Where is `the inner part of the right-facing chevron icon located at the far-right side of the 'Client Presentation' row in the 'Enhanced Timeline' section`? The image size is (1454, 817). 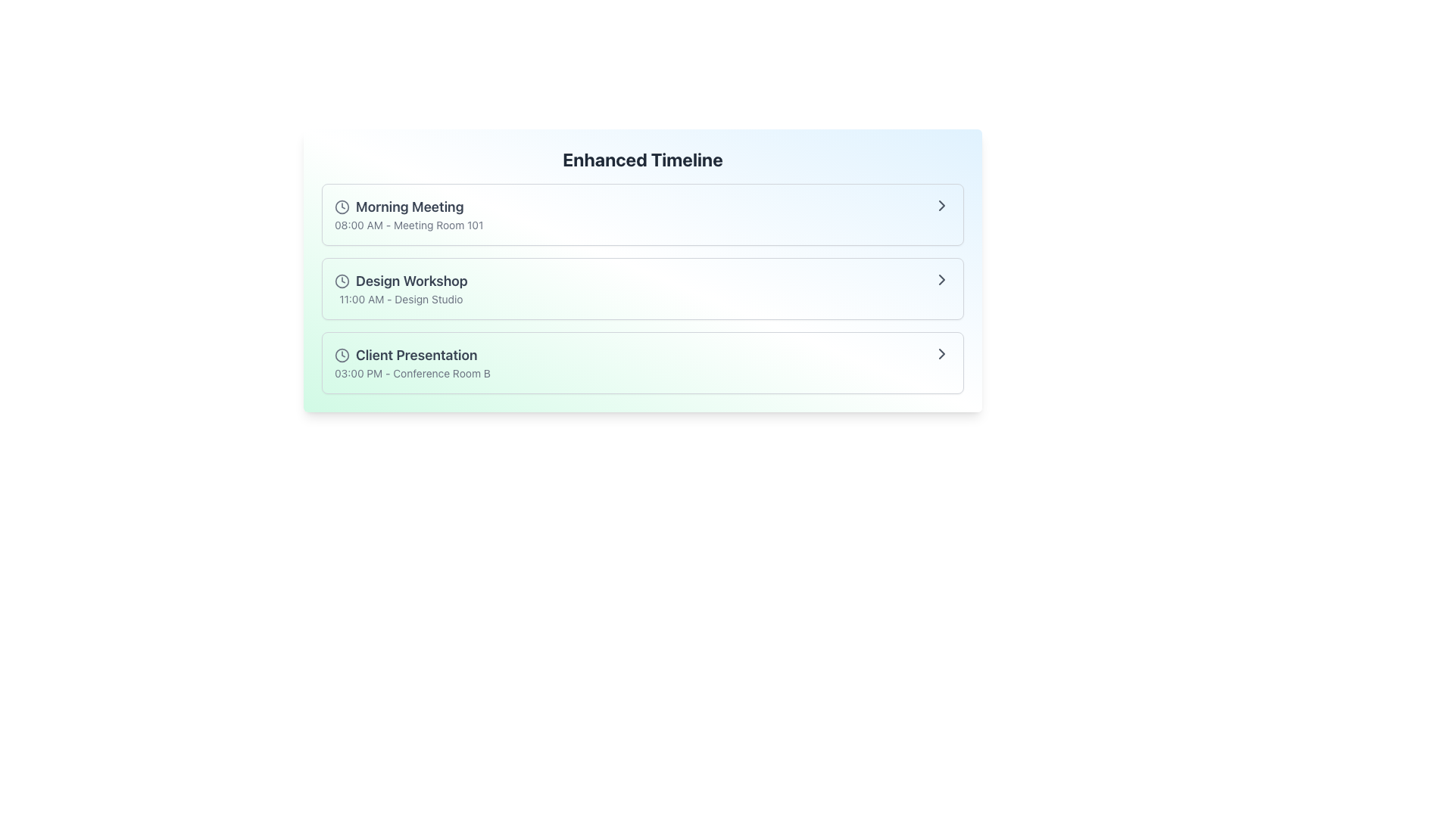
the inner part of the right-facing chevron icon located at the far-right side of the 'Client Presentation' row in the 'Enhanced Timeline' section is located at coordinates (941, 353).